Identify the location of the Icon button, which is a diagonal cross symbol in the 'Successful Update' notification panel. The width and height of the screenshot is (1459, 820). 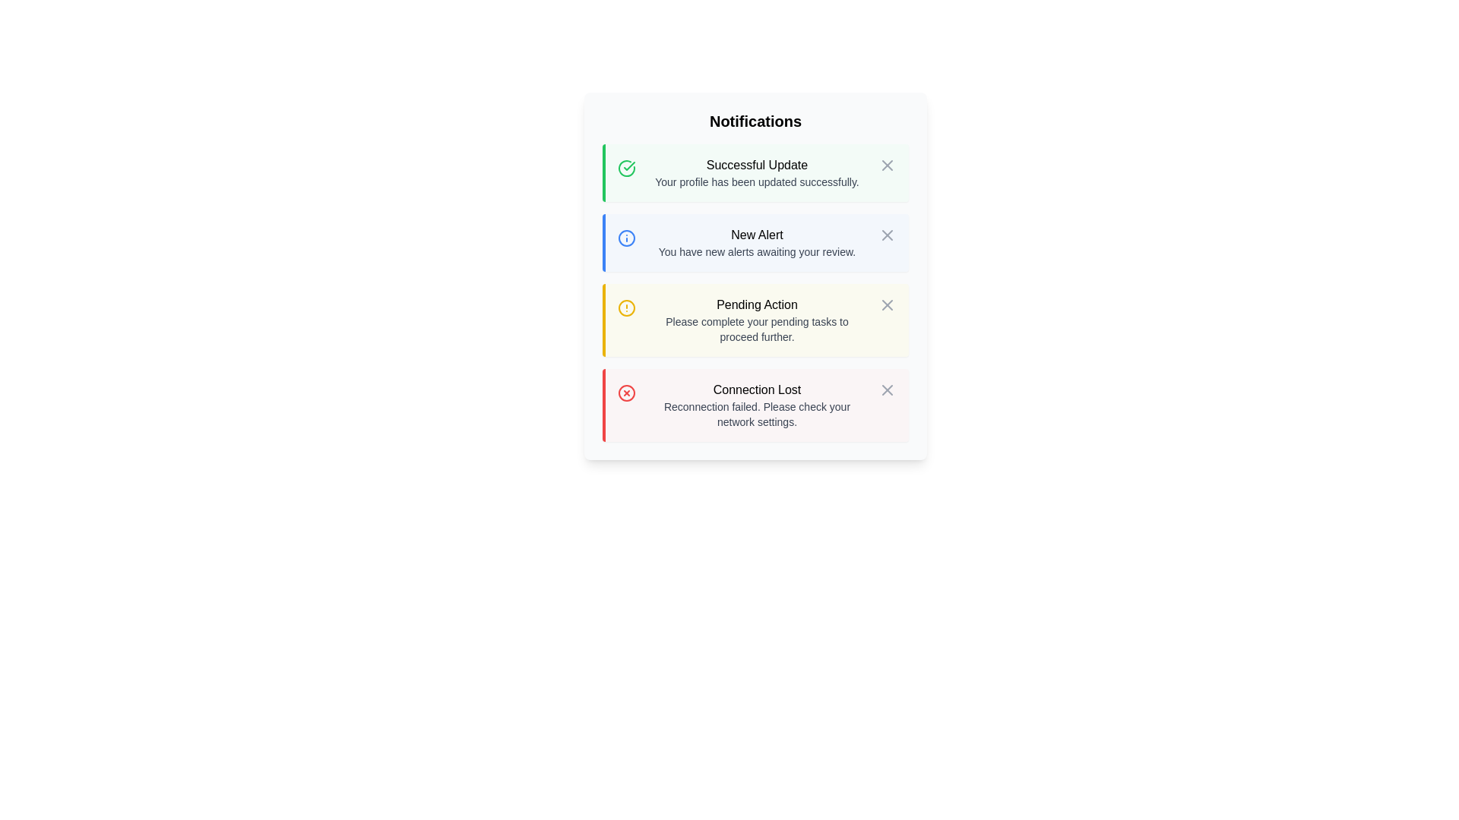
(887, 166).